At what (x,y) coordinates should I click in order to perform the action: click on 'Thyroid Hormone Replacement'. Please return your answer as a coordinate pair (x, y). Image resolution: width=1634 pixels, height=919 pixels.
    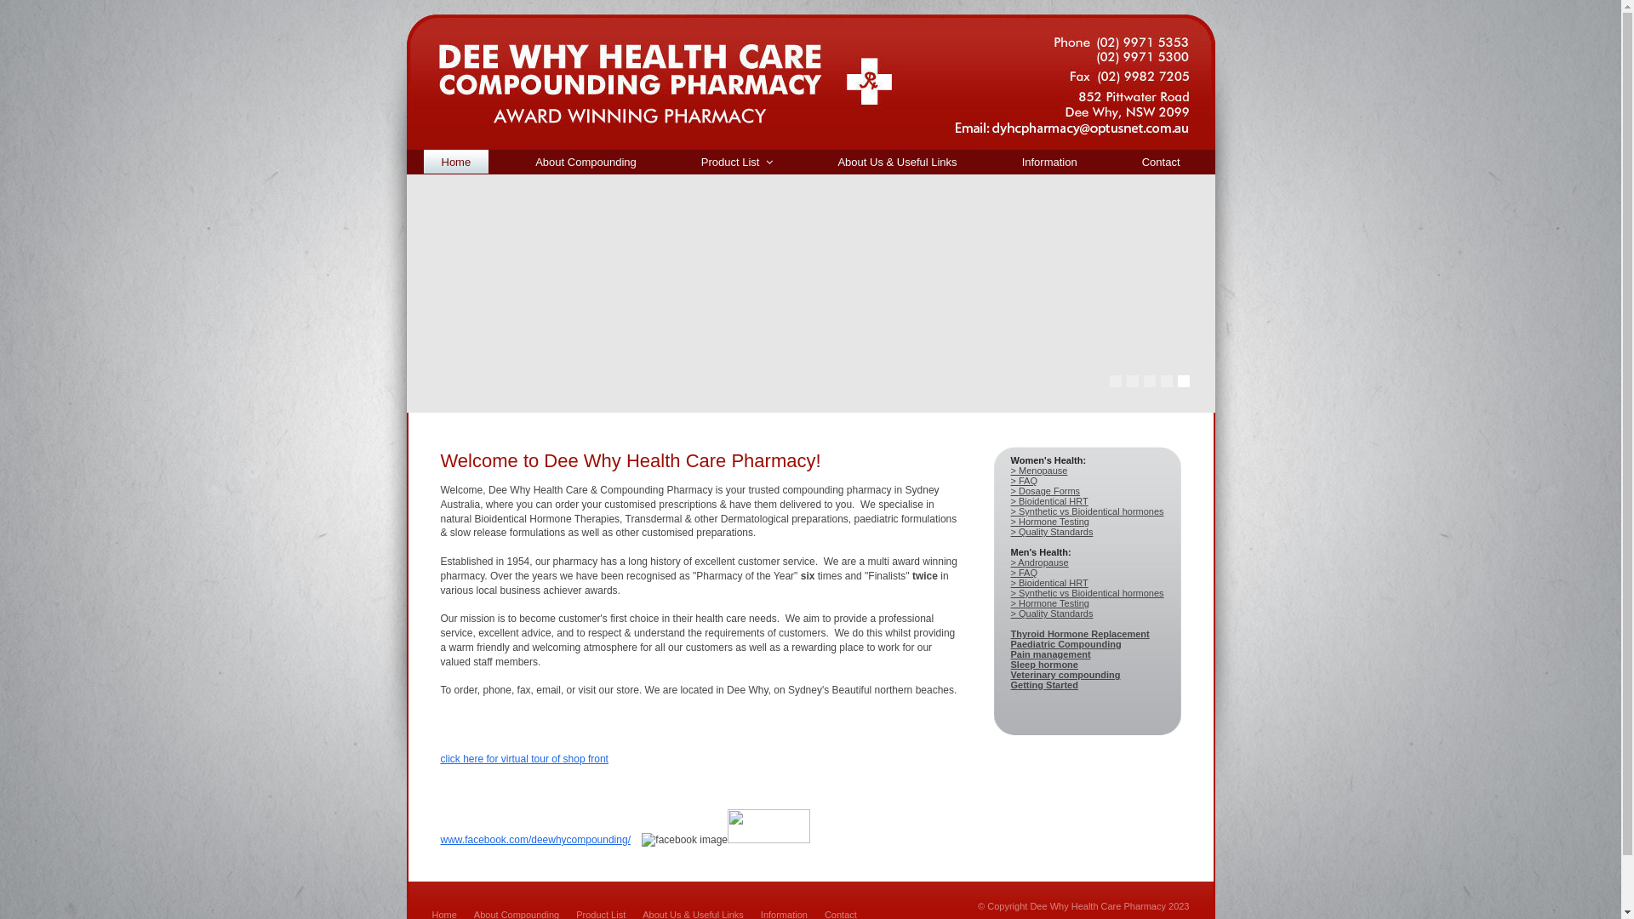
    Looking at the image, I should click on (1079, 633).